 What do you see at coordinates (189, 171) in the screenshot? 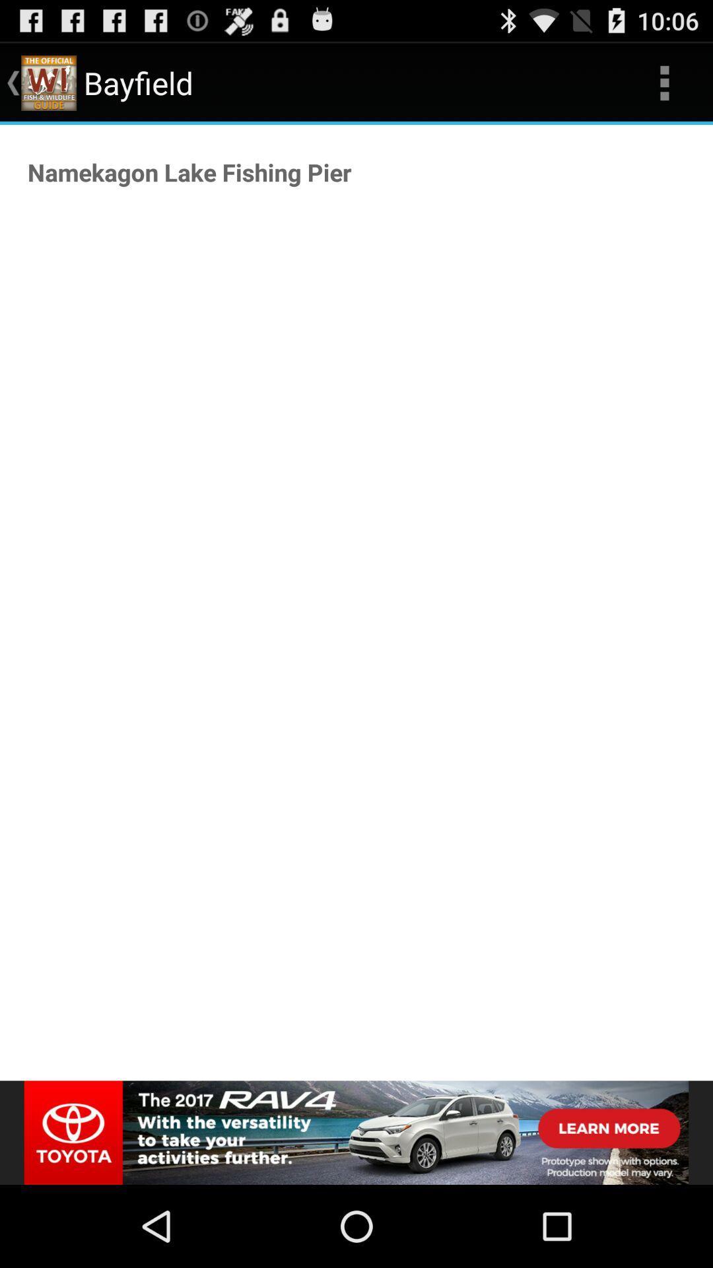
I see `the namekagon lake fishing app` at bounding box center [189, 171].